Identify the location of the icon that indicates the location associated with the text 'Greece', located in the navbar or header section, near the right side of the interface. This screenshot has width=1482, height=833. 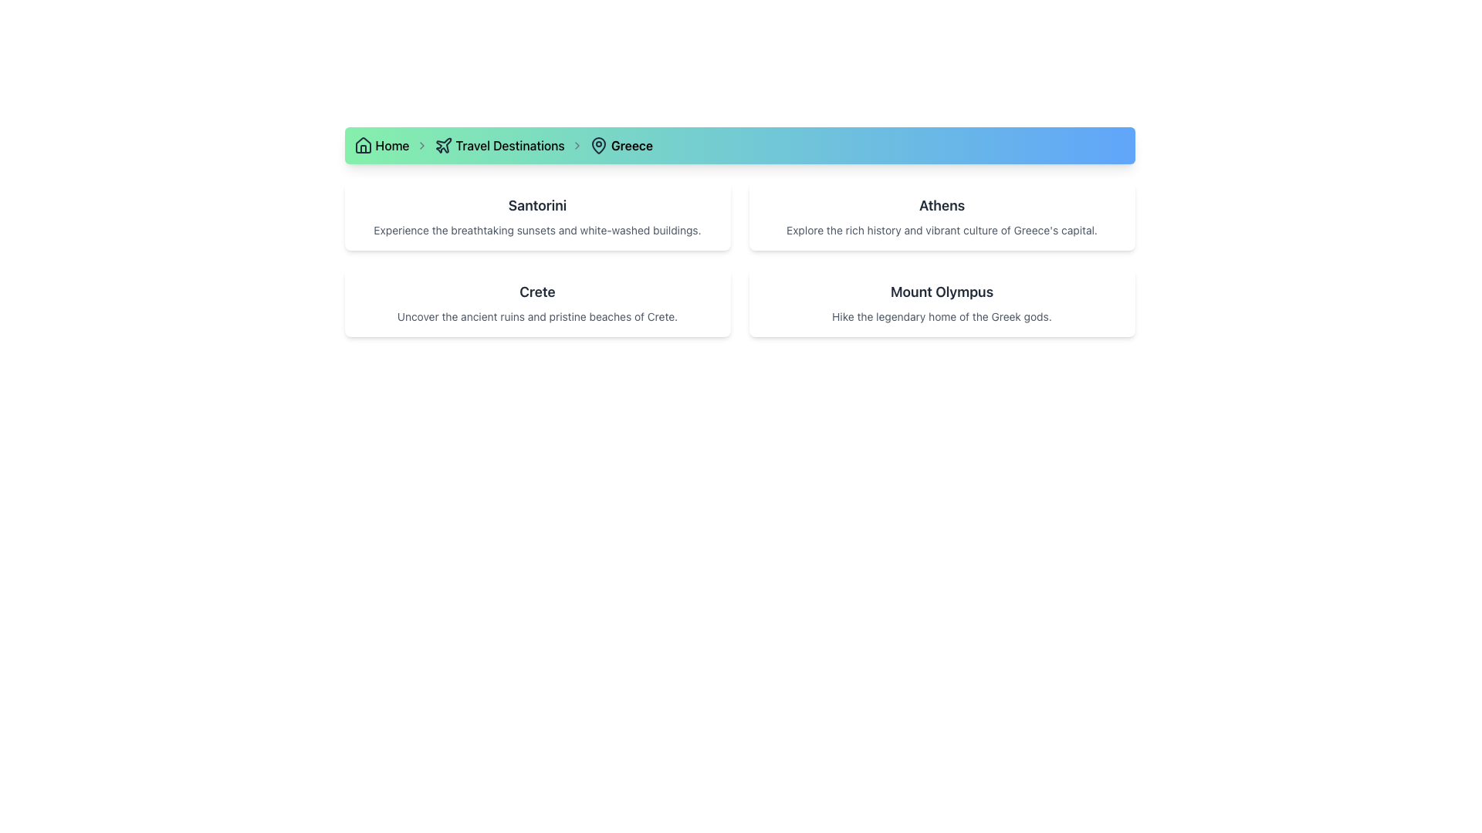
(597, 146).